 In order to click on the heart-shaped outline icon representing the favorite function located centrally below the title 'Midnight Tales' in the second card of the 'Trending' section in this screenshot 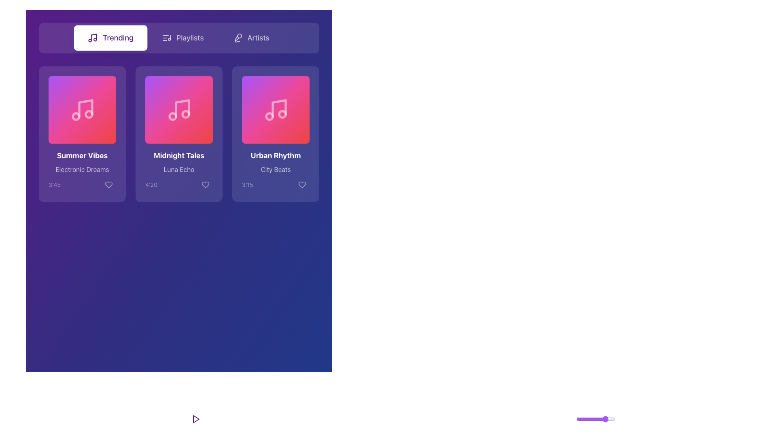, I will do `click(206, 185)`.